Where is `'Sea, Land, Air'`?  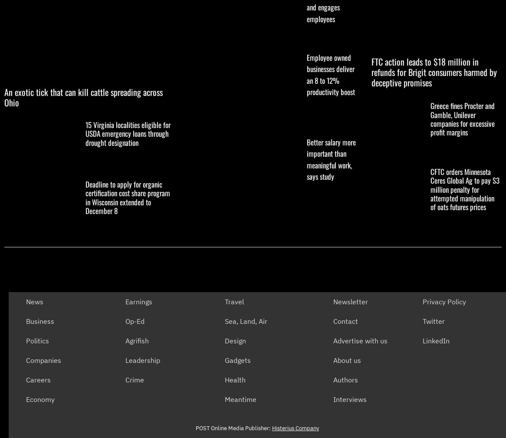 'Sea, Land, Air' is located at coordinates (246, 321).